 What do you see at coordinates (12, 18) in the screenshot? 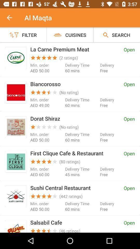
I see `go back` at bounding box center [12, 18].